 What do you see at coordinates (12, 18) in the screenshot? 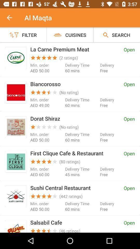
I see `go back` at bounding box center [12, 18].